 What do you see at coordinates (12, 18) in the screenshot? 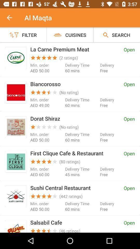
I see `go back` at bounding box center [12, 18].